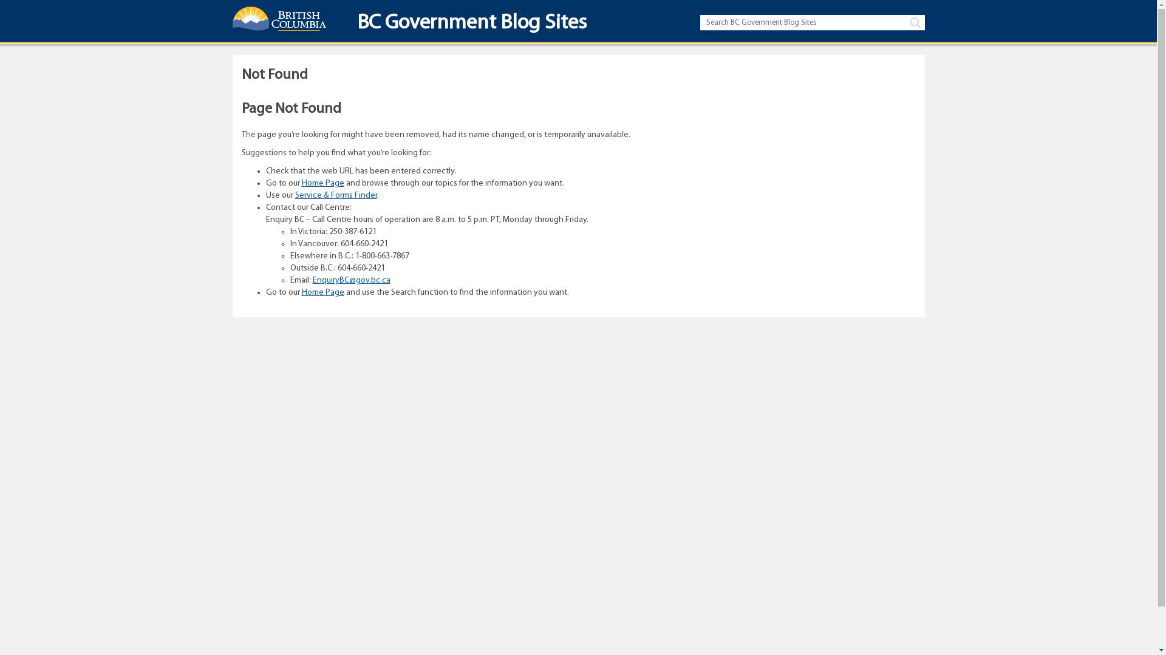 The width and height of the screenshot is (1166, 655). I want to click on 'Home Page', so click(322, 183).